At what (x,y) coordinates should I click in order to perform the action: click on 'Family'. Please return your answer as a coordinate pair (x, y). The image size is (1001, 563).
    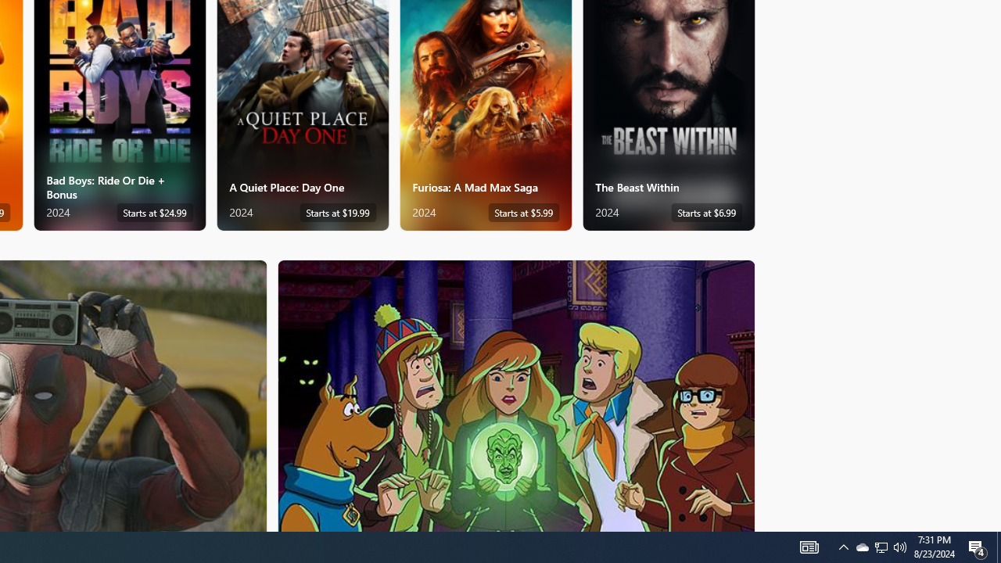
    Looking at the image, I should click on (516, 394).